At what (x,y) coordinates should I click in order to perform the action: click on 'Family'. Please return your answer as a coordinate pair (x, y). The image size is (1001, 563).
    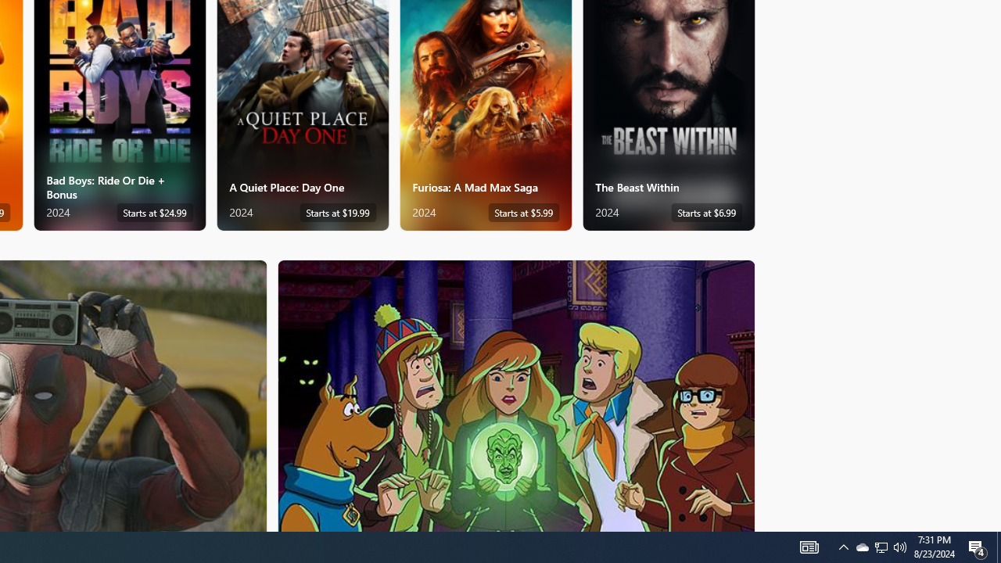
    Looking at the image, I should click on (516, 394).